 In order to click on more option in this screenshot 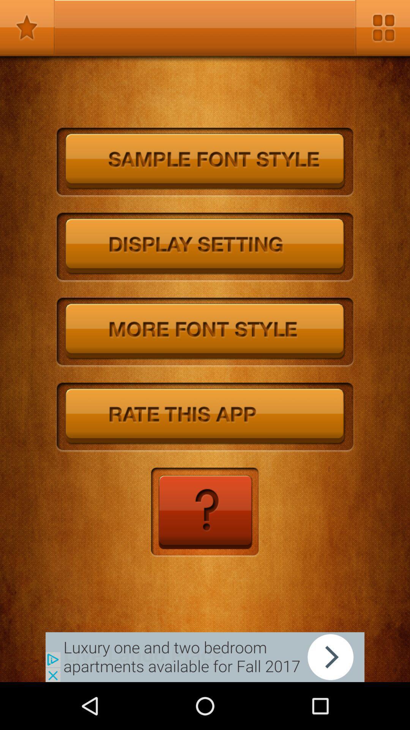, I will do `click(382, 27)`.